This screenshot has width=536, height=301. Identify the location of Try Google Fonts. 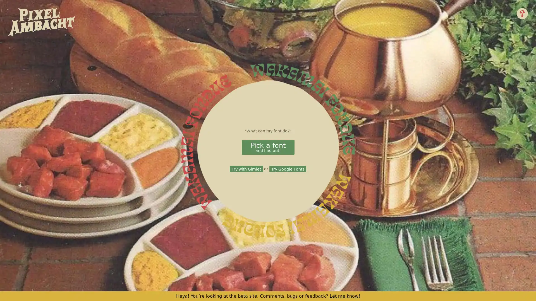
(288, 169).